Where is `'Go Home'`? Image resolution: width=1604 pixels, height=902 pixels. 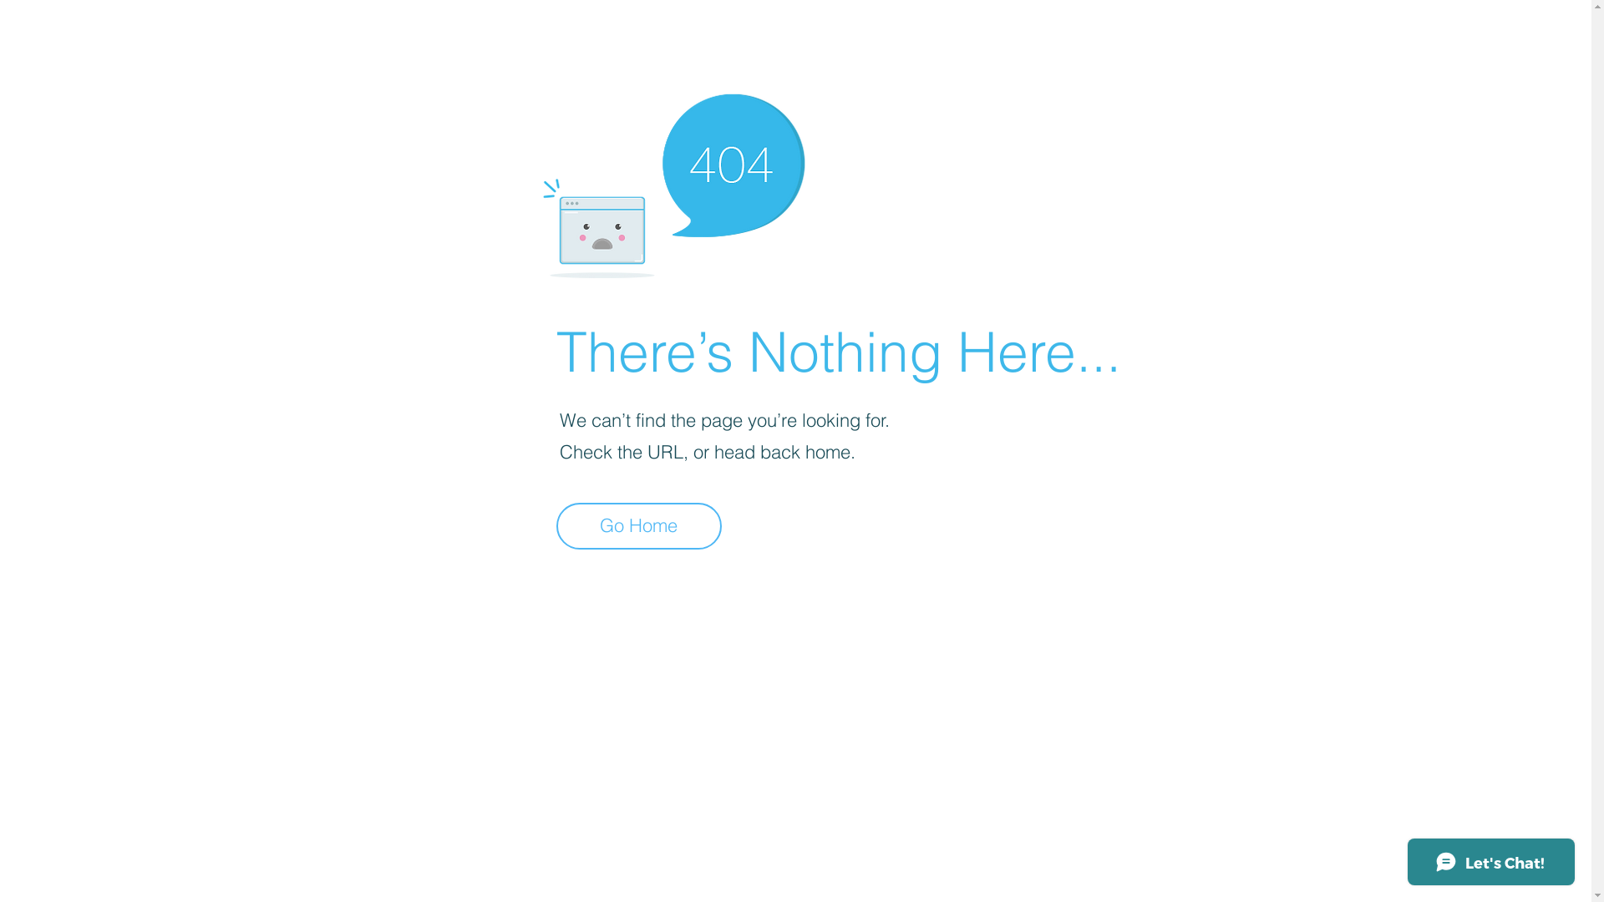 'Go Home' is located at coordinates (637, 524).